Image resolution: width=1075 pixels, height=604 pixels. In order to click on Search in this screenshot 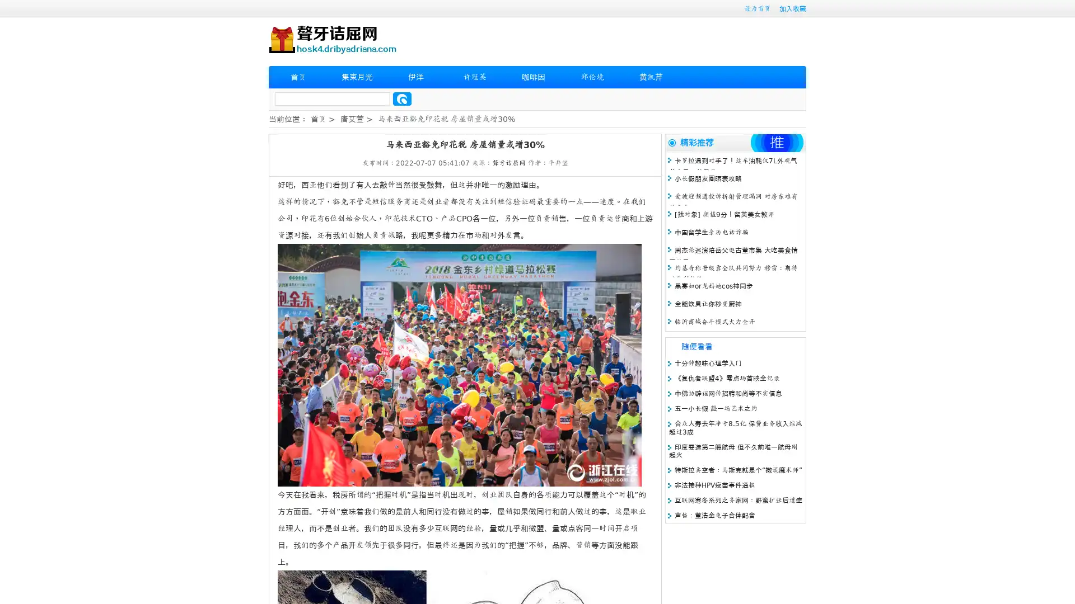, I will do `click(402, 98)`.